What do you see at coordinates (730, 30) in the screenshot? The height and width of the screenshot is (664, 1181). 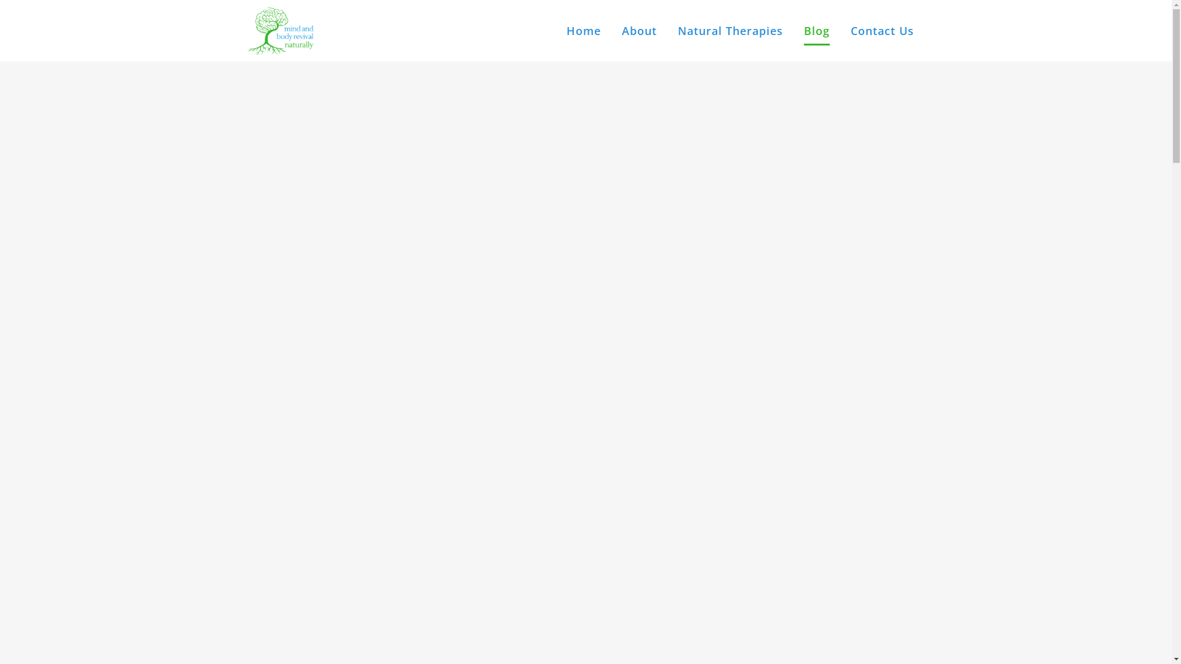 I see `'Natural Therapies'` at bounding box center [730, 30].